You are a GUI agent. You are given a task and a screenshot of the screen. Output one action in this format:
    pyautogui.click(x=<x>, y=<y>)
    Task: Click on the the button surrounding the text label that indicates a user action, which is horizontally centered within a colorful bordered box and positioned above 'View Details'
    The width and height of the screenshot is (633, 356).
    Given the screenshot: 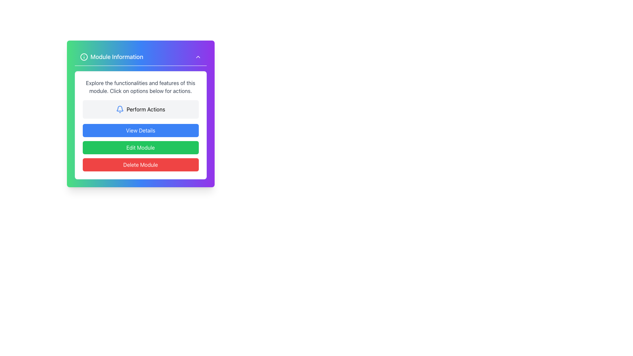 What is the action you would take?
    pyautogui.click(x=145, y=109)
    